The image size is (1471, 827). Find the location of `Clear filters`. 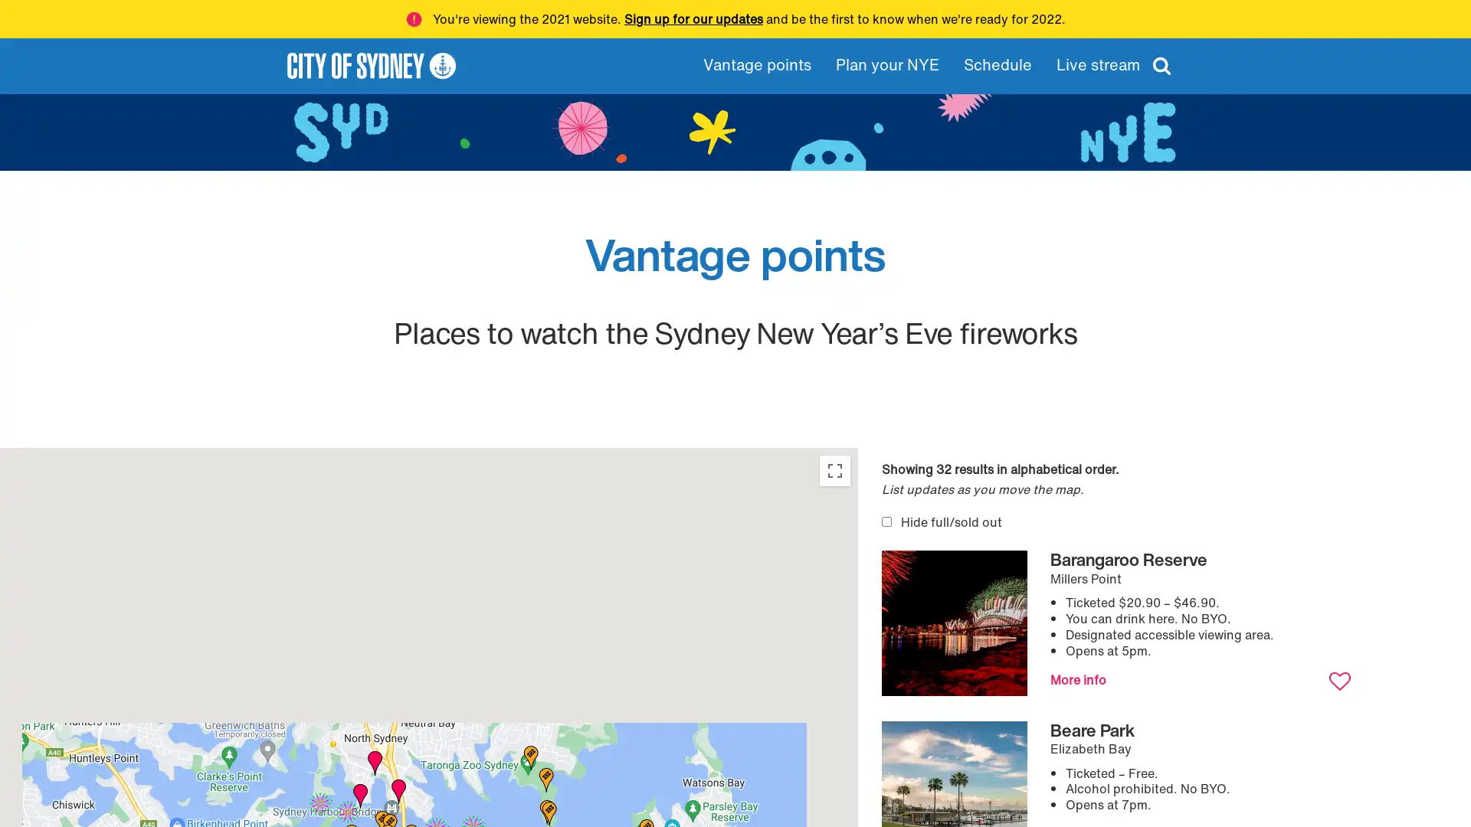

Clear filters is located at coordinates (680, 437).